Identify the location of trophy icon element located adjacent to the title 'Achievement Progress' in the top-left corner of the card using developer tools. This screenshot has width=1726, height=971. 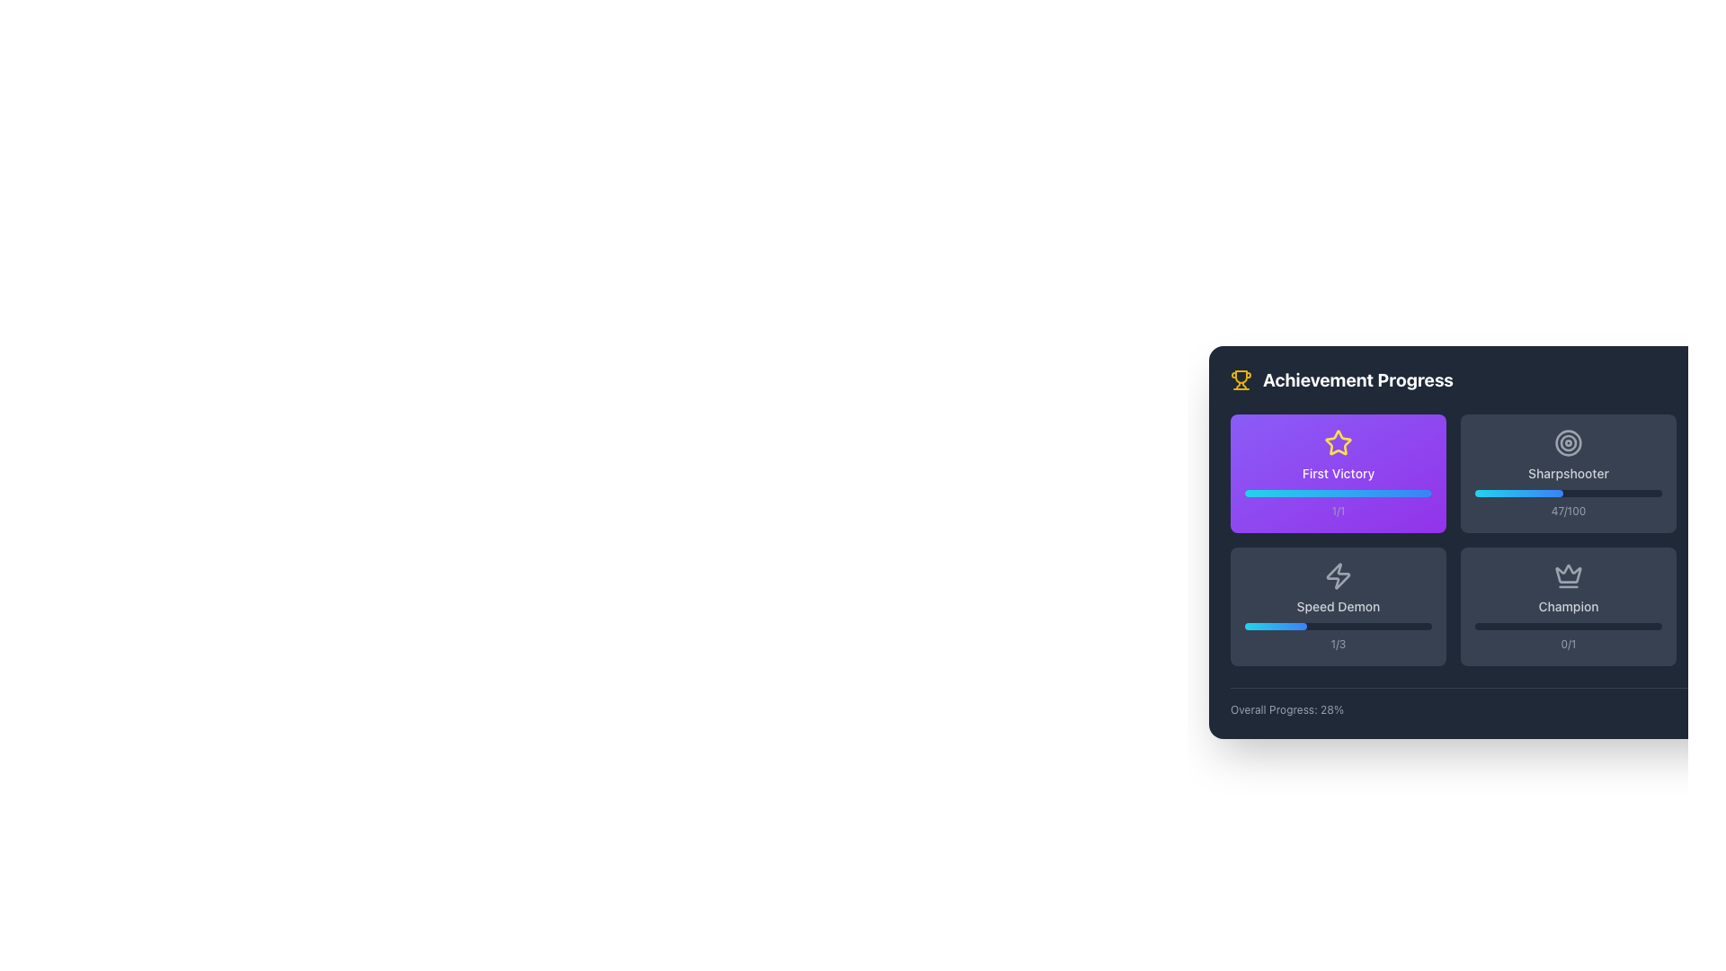
(1241, 376).